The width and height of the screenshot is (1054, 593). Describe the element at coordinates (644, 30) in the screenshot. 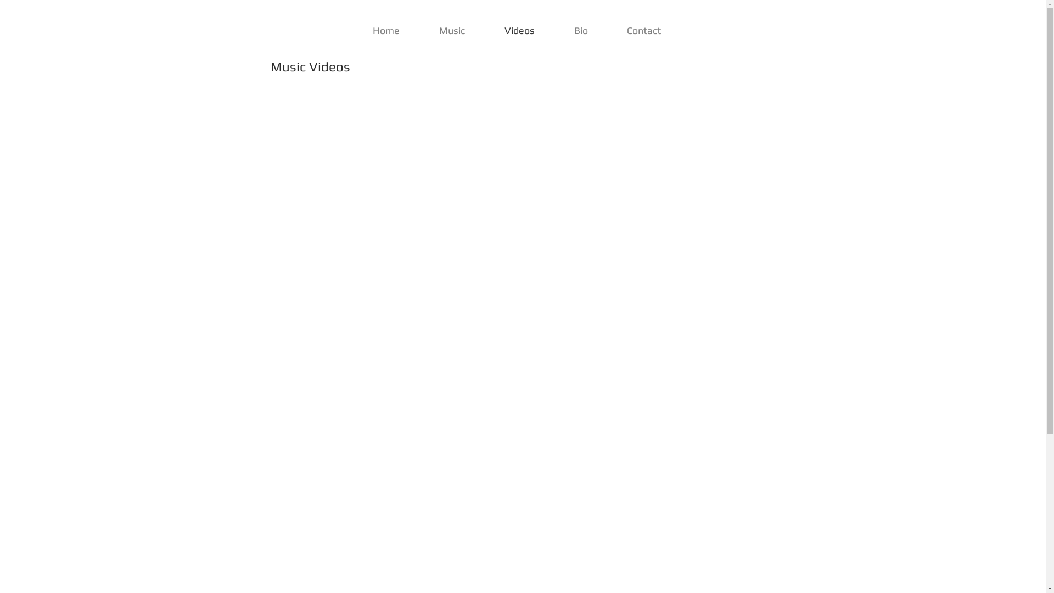

I see `'Contact'` at that location.